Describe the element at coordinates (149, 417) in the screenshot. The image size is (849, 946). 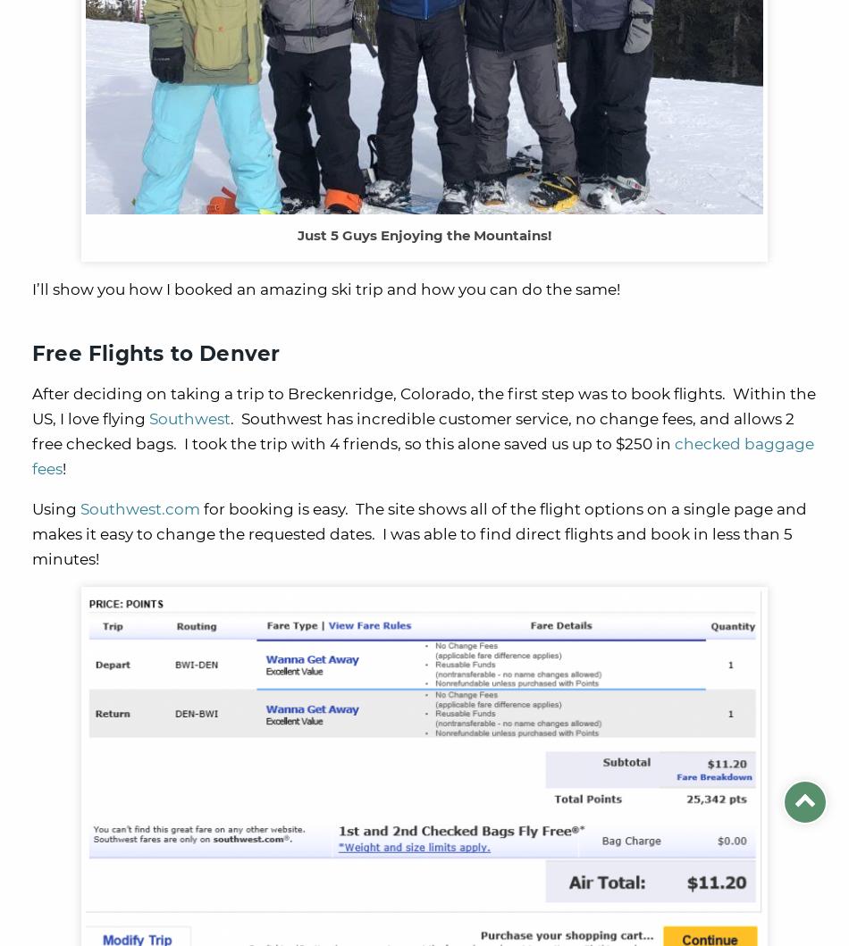
I see `'Southwest'` at that location.